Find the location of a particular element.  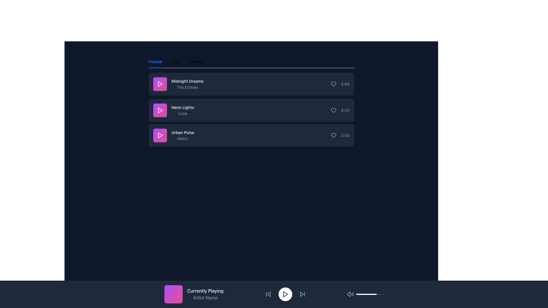

the play button icon located to the left of the song title 'Midnight Dreams' by 'The Echoes' in the topmost music item of the song list to initiate playback is located at coordinates (160, 84).